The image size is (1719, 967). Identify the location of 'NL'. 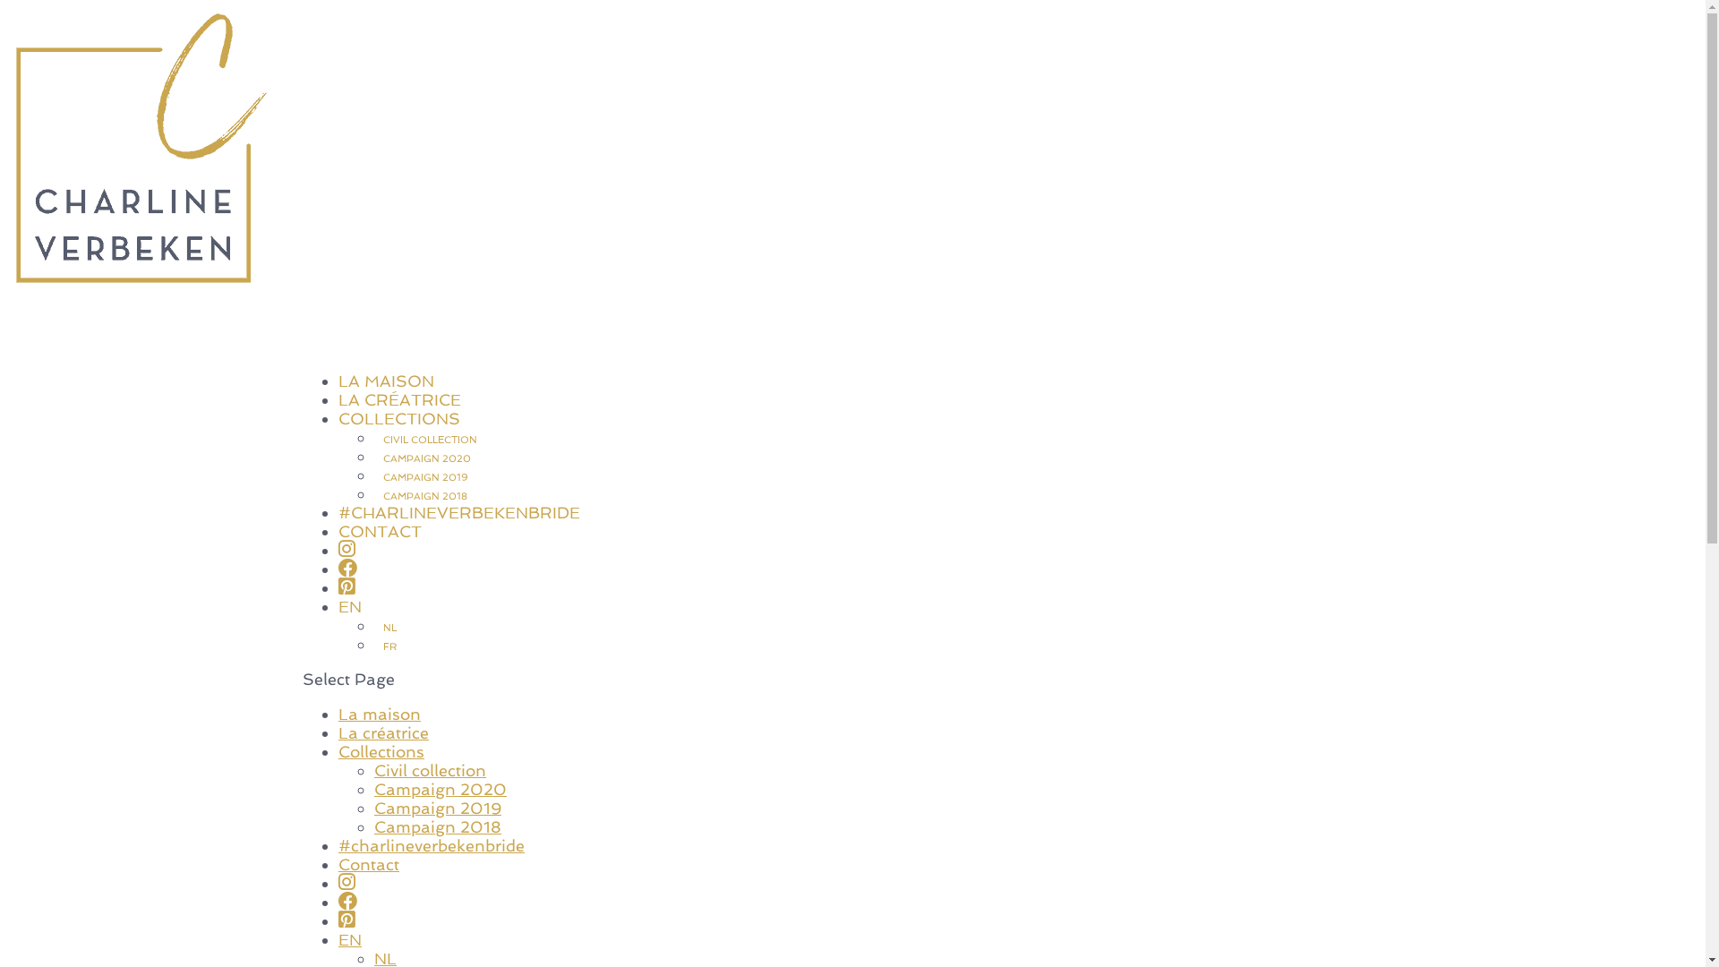
(389, 627).